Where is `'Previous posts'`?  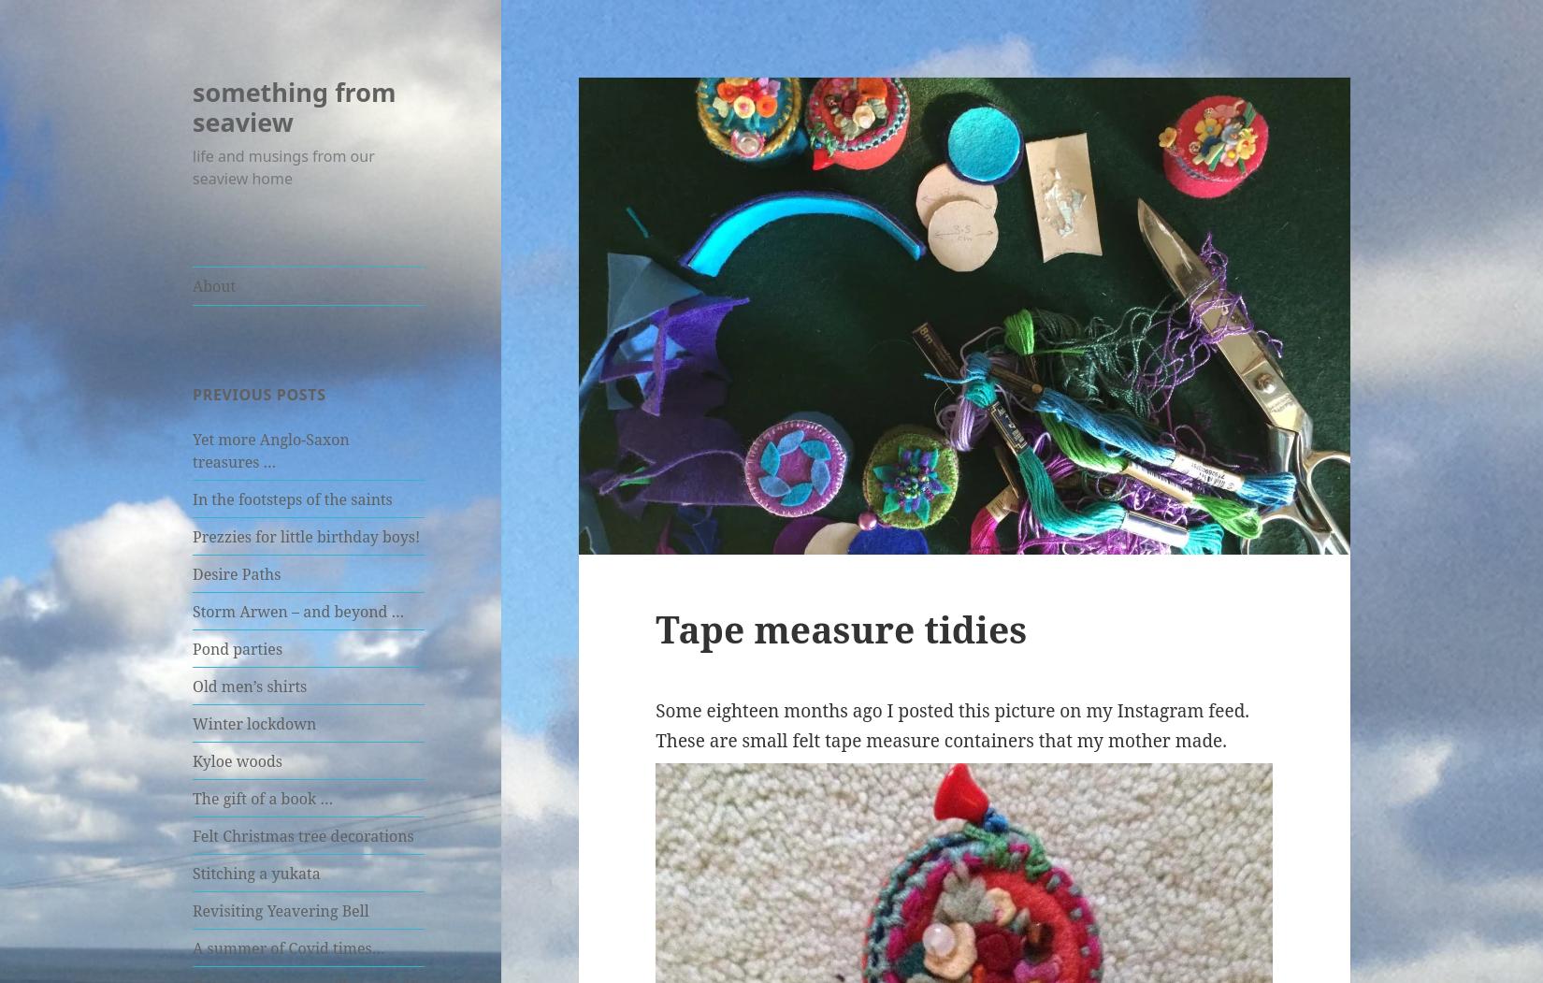 'Previous posts' is located at coordinates (259, 394).